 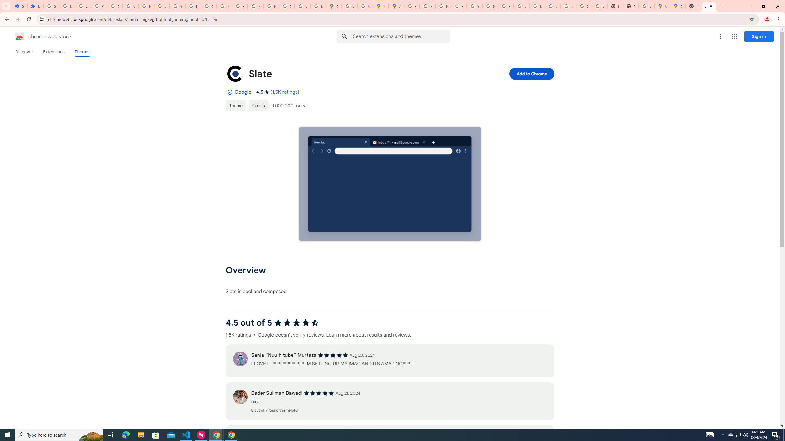 What do you see at coordinates (115, 6) in the screenshot?
I see `'Google Account Help'` at bounding box center [115, 6].